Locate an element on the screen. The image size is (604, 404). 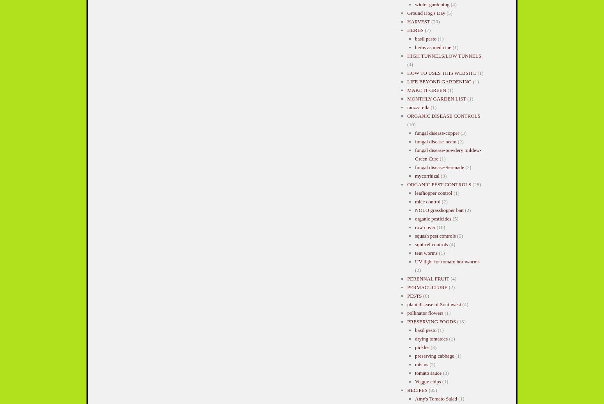
'PRESERVING FOODS' is located at coordinates (407, 321).